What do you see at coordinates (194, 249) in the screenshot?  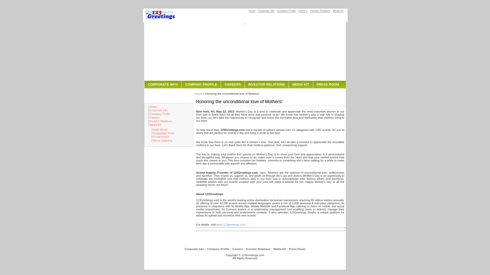 I see `'Corporate Info'` at bounding box center [194, 249].